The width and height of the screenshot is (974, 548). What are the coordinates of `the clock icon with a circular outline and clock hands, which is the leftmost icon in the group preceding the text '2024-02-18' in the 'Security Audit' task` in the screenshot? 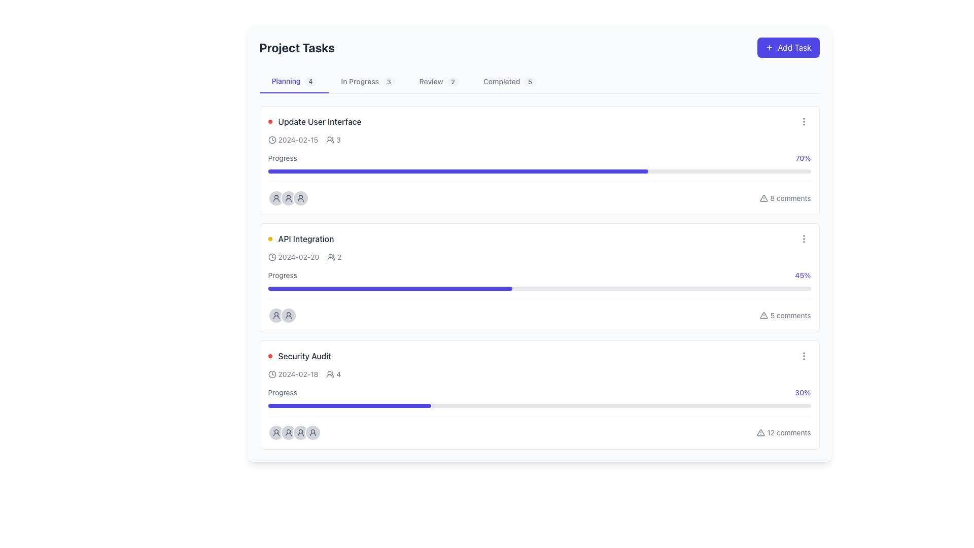 It's located at (272, 374).